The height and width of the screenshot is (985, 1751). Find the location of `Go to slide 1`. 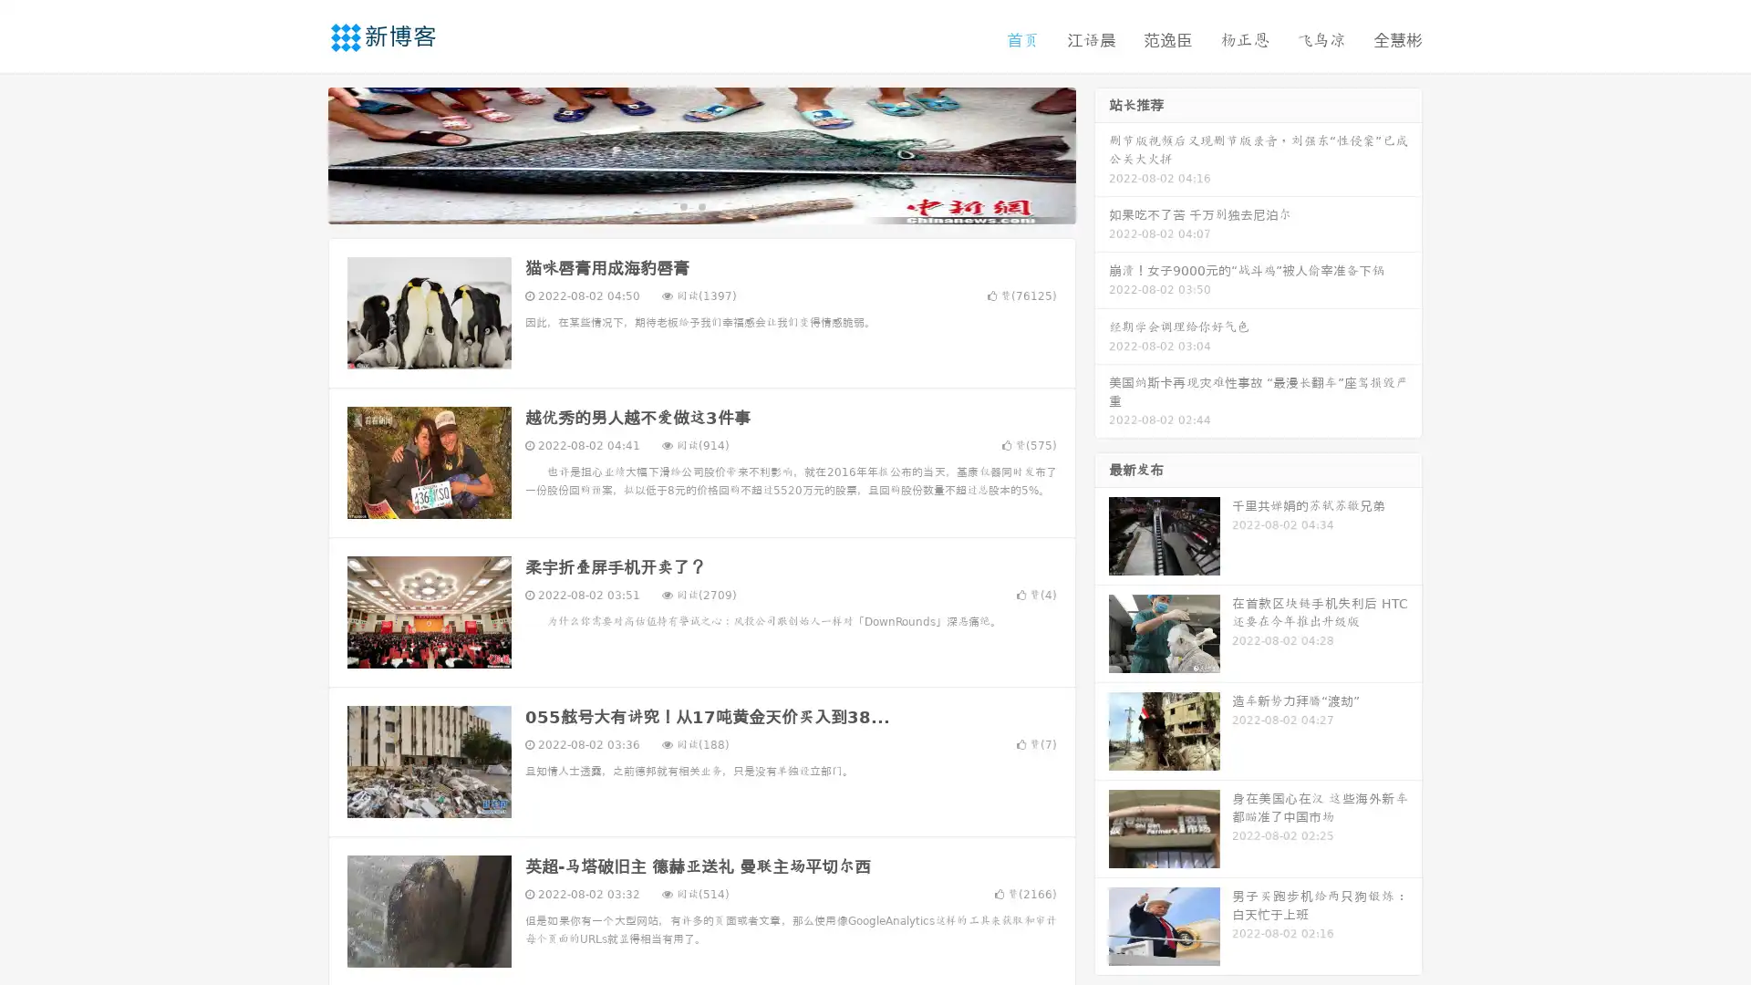

Go to slide 1 is located at coordinates (682, 205).